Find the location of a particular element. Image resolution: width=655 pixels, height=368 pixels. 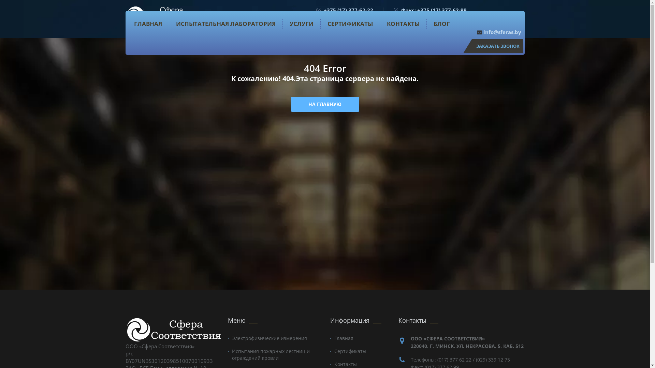

'(017) 377 62 22' is located at coordinates (454, 359).